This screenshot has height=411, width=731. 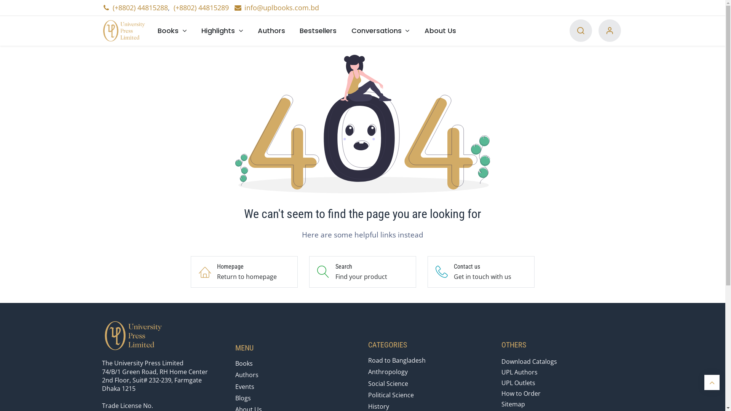 I want to click on 'UPL Authors', so click(x=519, y=372).